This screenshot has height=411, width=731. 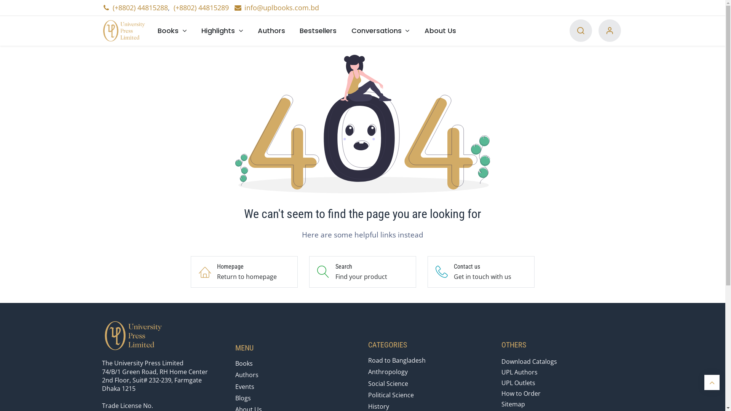 I want to click on 'UPL Authors', so click(x=519, y=372).